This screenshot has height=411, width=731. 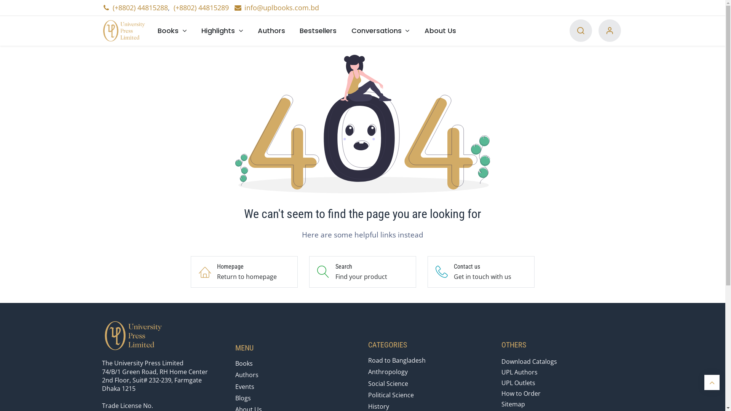 I want to click on 'UPL Authors', so click(x=519, y=372).